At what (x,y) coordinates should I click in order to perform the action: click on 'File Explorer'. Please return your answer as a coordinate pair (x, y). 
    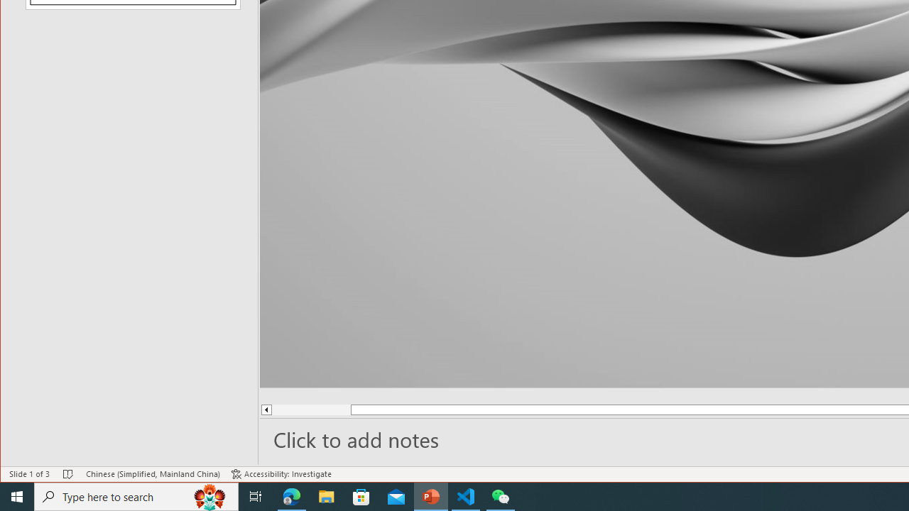
    Looking at the image, I should click on (326, 495).